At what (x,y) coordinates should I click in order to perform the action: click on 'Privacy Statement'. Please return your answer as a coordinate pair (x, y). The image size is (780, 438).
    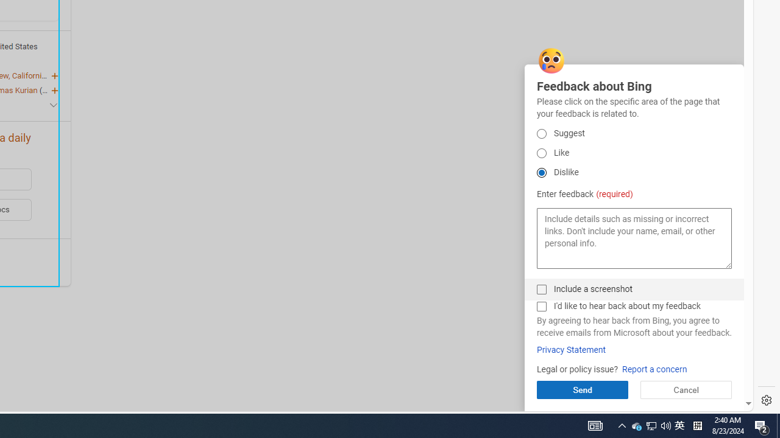
    Looking at the image, I should click on (570, 350).